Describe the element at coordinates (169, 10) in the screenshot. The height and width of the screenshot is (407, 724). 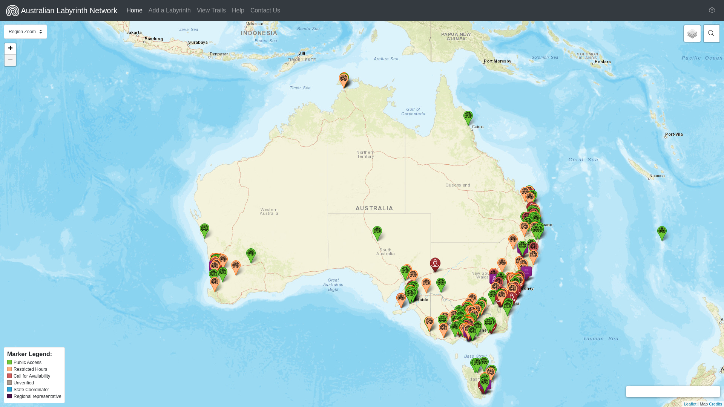
I see `'Add a Labyrinth'` at that location.